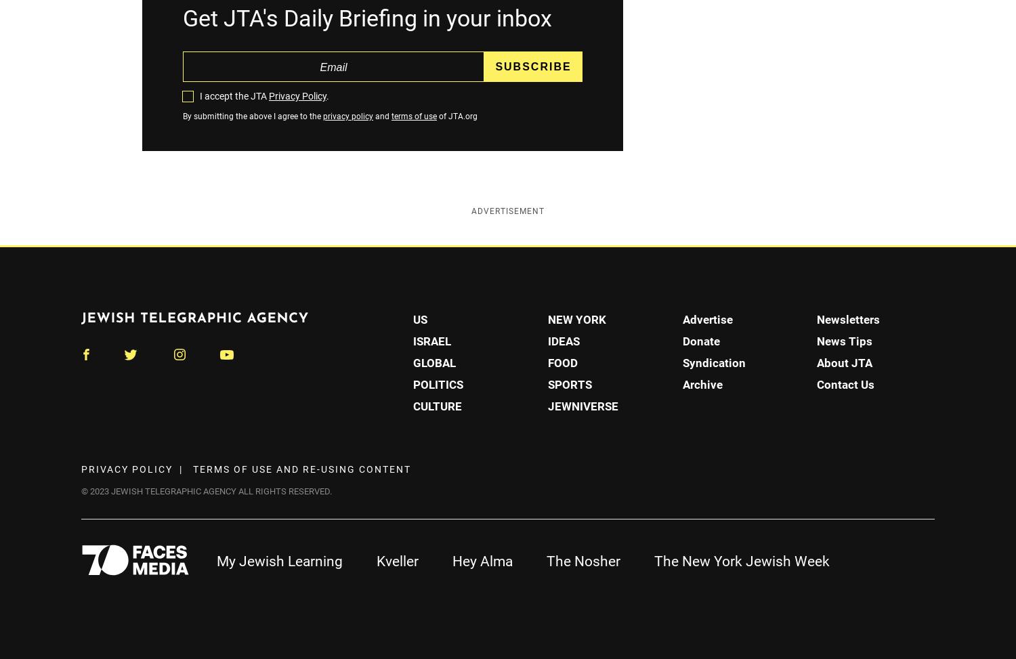  I want to click on 'News Tips', so click(843, 340).